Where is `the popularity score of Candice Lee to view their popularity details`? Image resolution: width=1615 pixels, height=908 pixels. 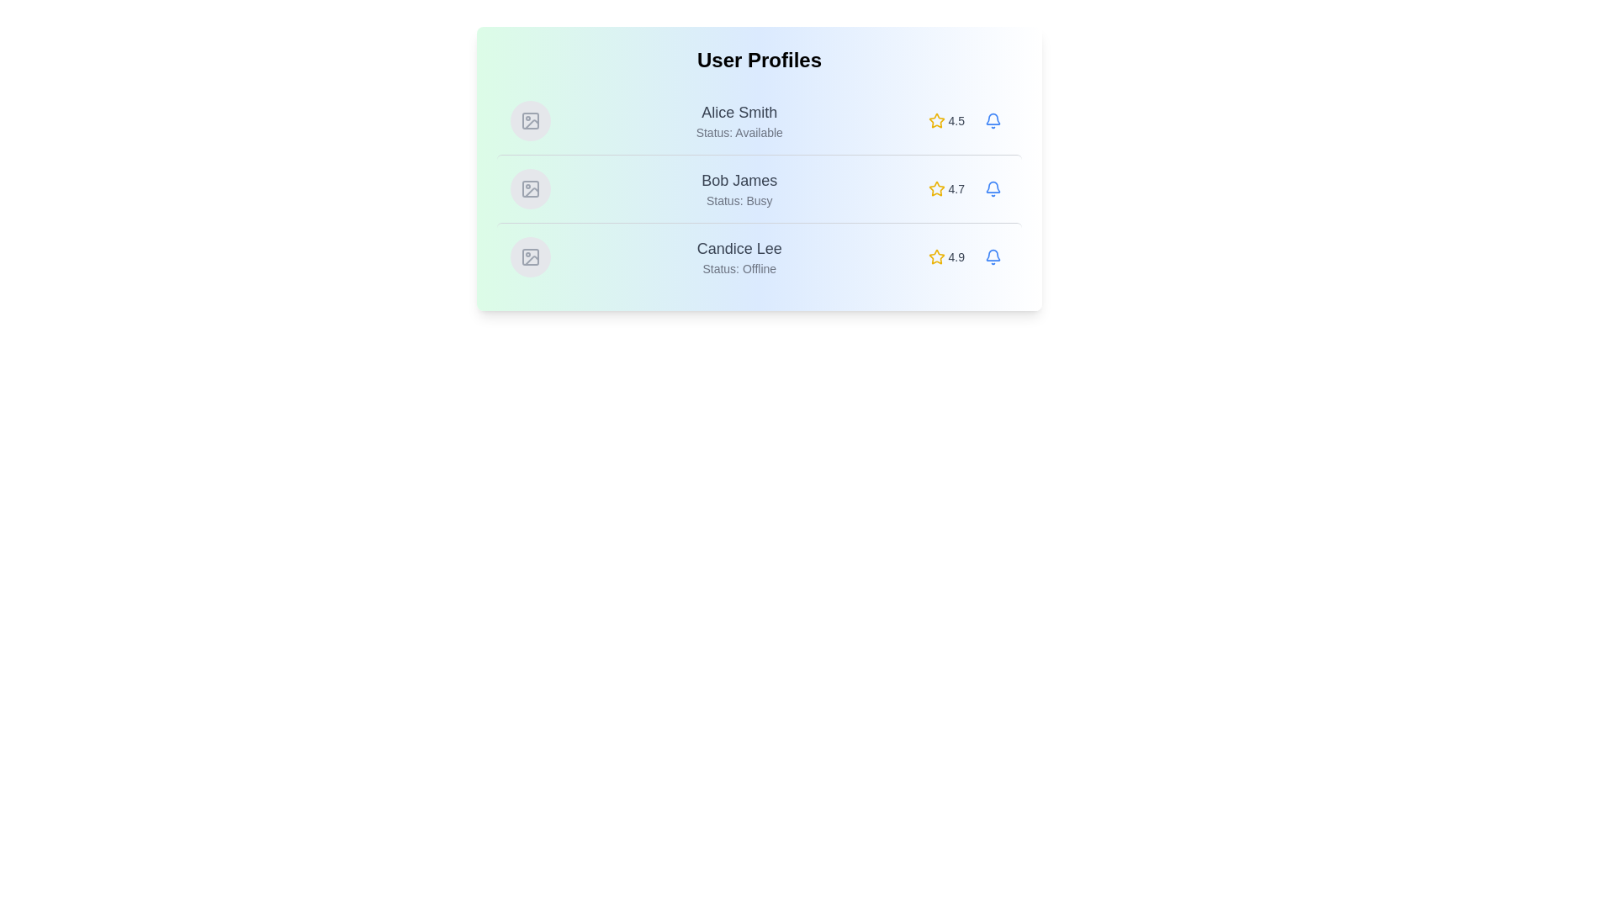
the popularity score of Candice Lee to view their popularity details is located at coordinates (945, 256).